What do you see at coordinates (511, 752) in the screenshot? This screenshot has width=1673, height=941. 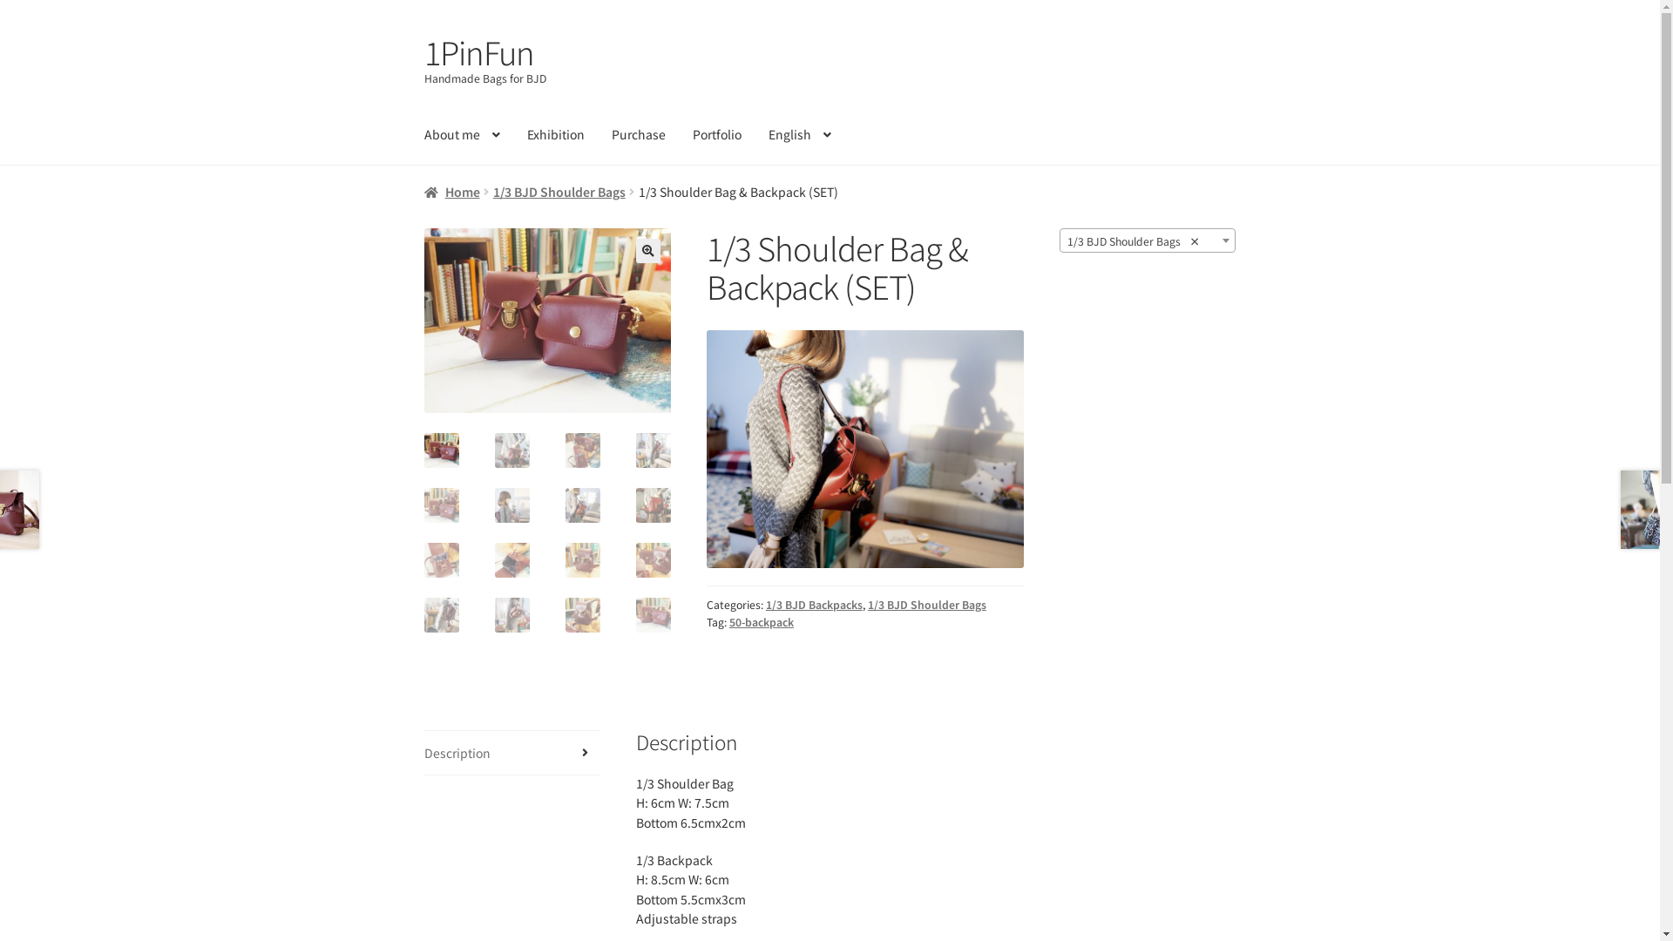 I see `'Description'` at bounding box center [511, 752].